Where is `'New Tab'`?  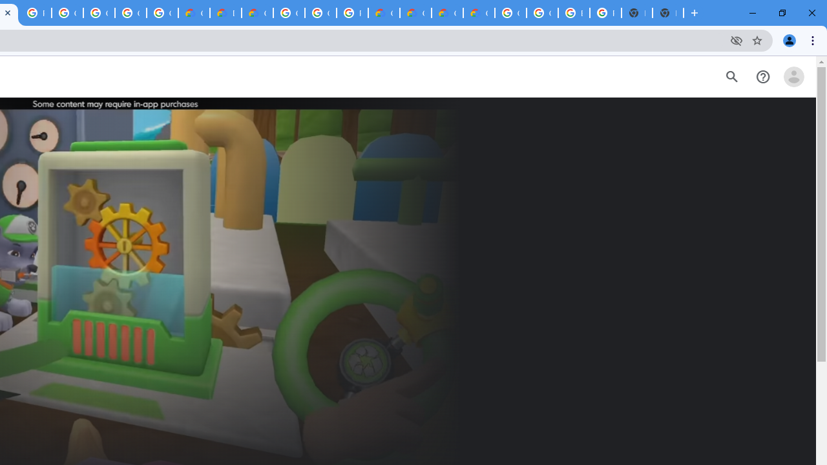 'New Tab' is located at coordinates (668, 13).